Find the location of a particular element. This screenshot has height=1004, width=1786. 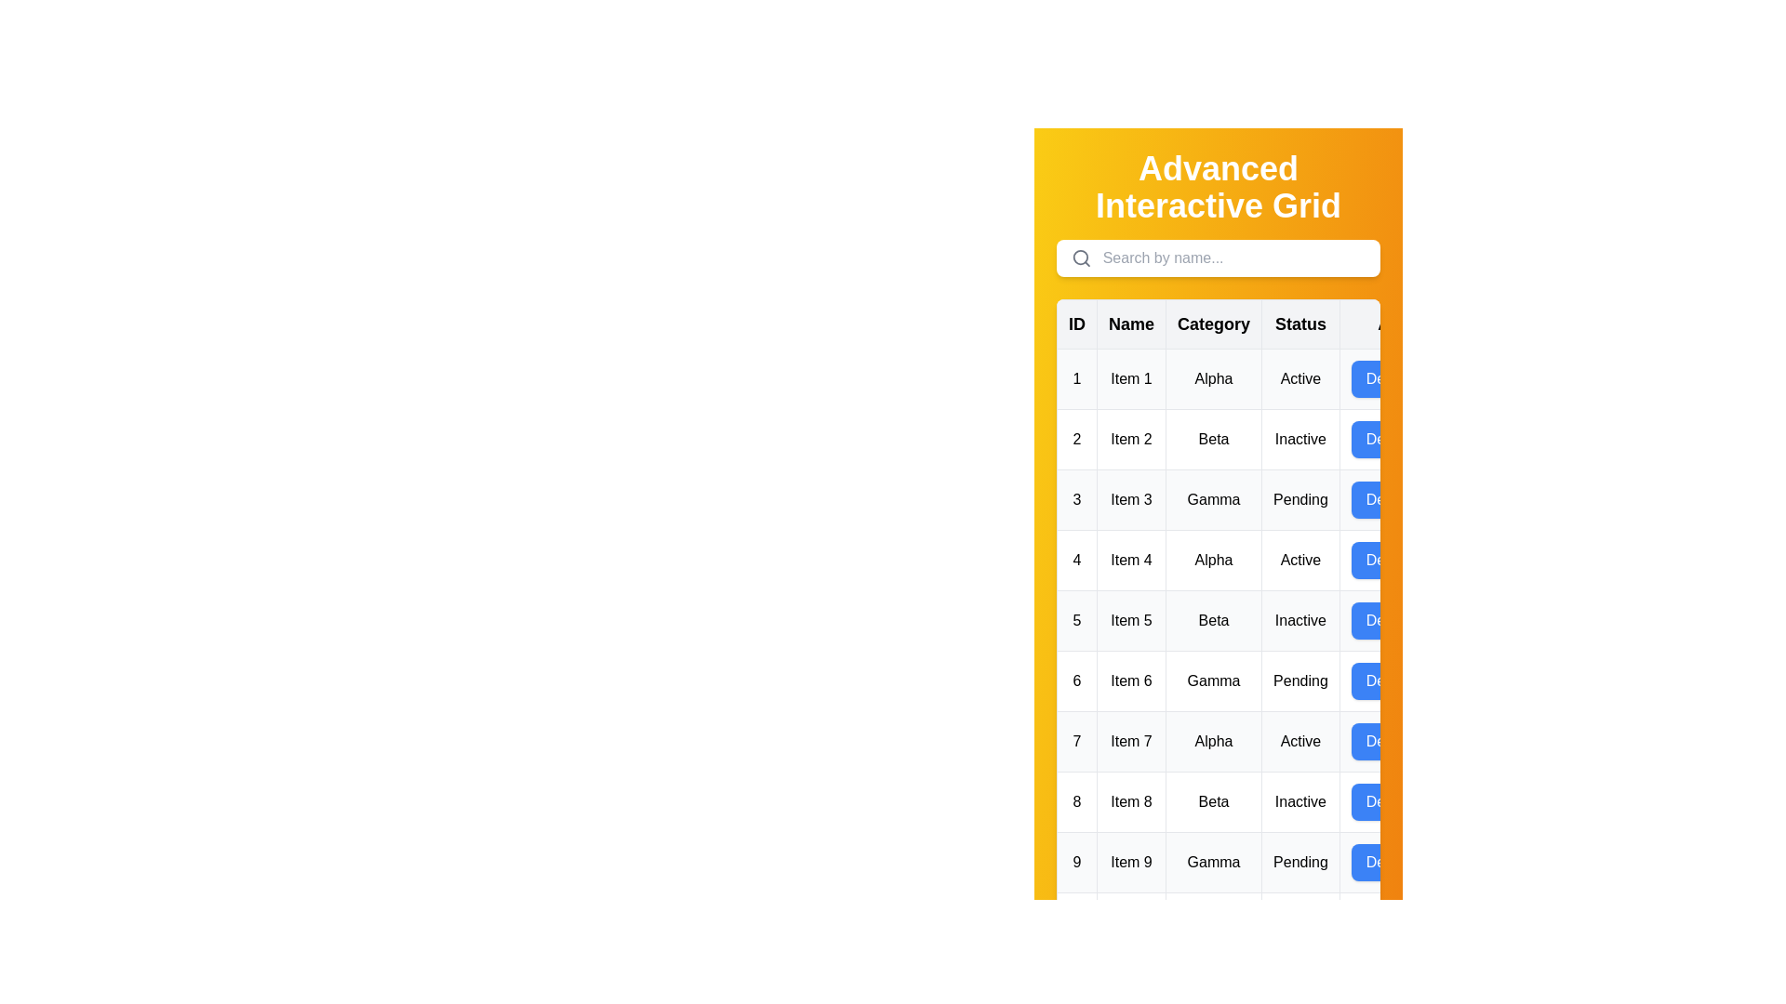

the column header Status to sort the data is located at coordinates (1299, 323).